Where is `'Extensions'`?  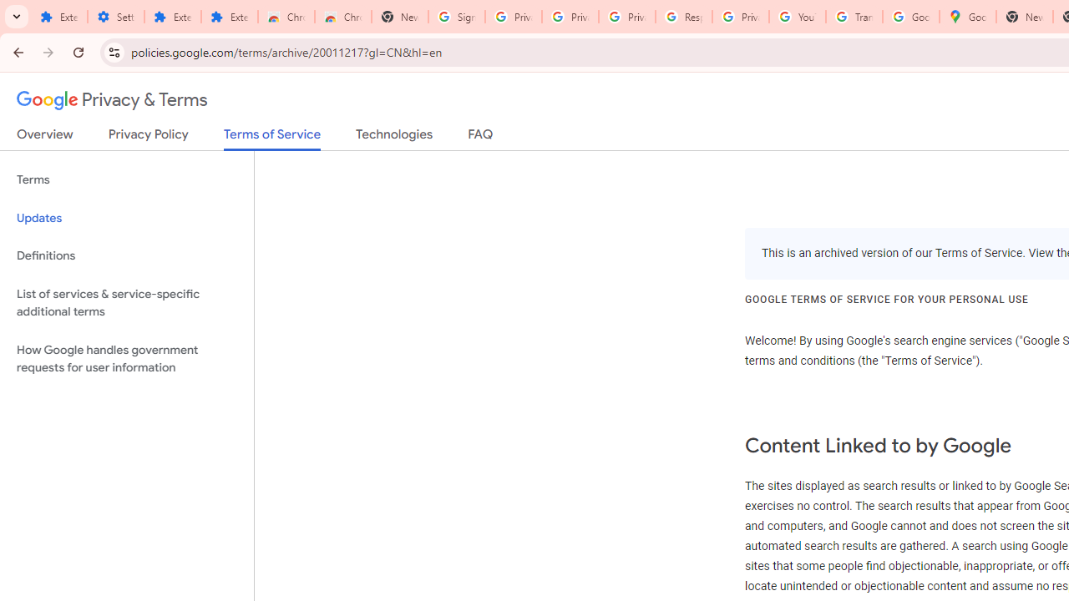 'Extensions' is located at coordinates (172, 17).